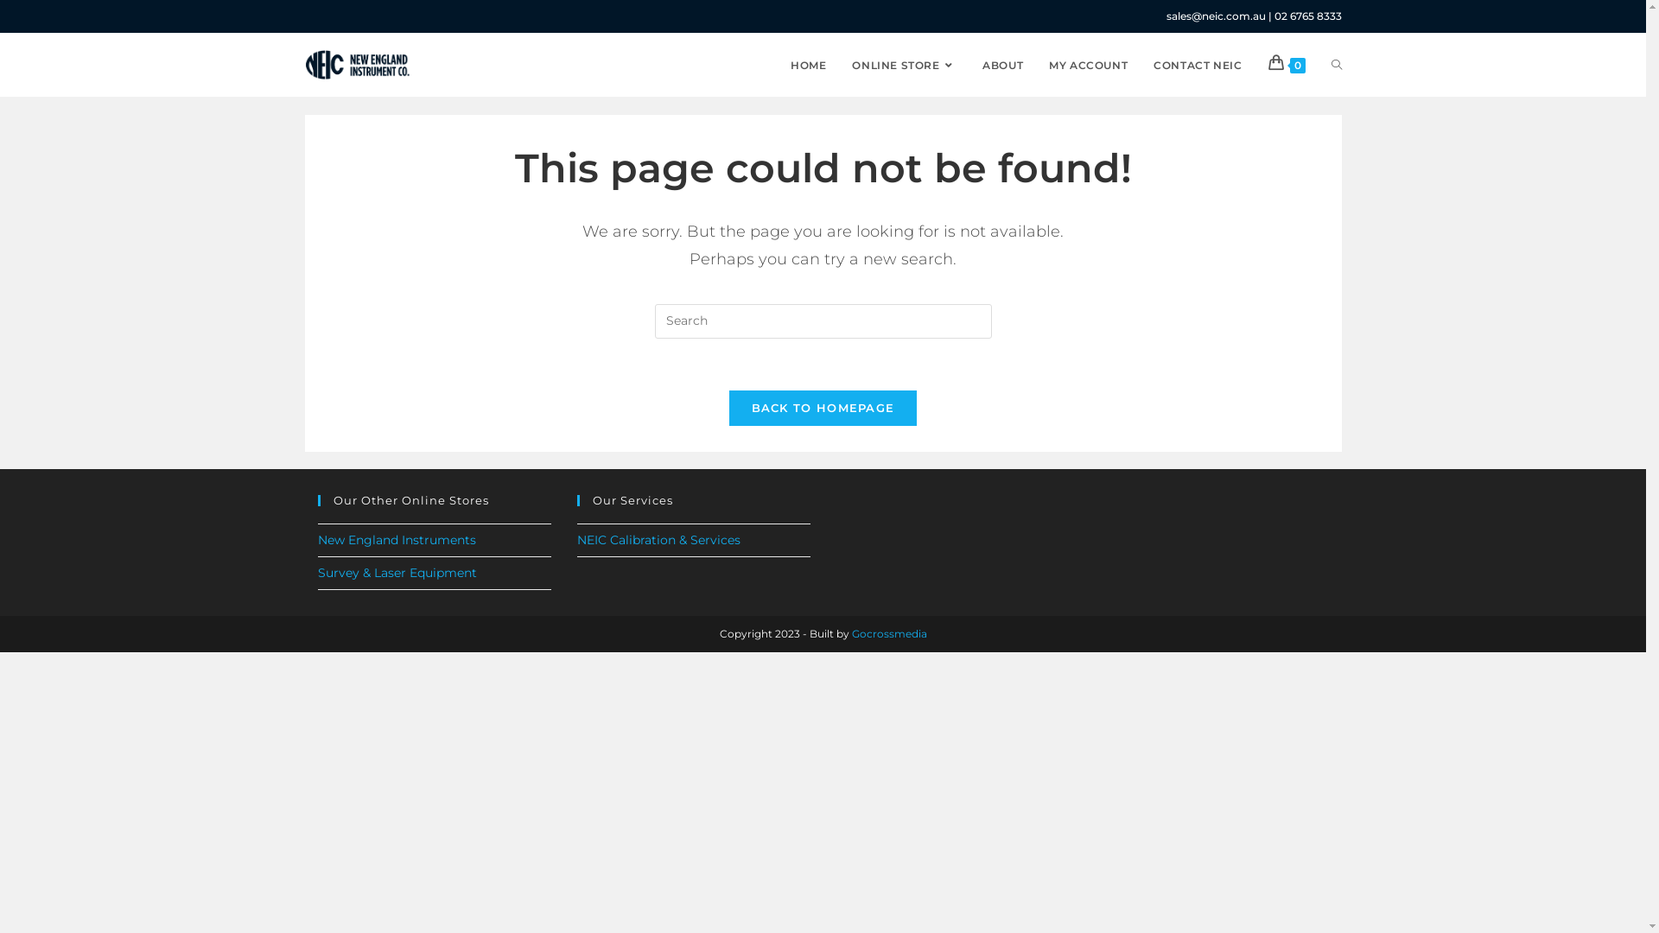  I want to click on 'ABOUT', so click(969, 64).